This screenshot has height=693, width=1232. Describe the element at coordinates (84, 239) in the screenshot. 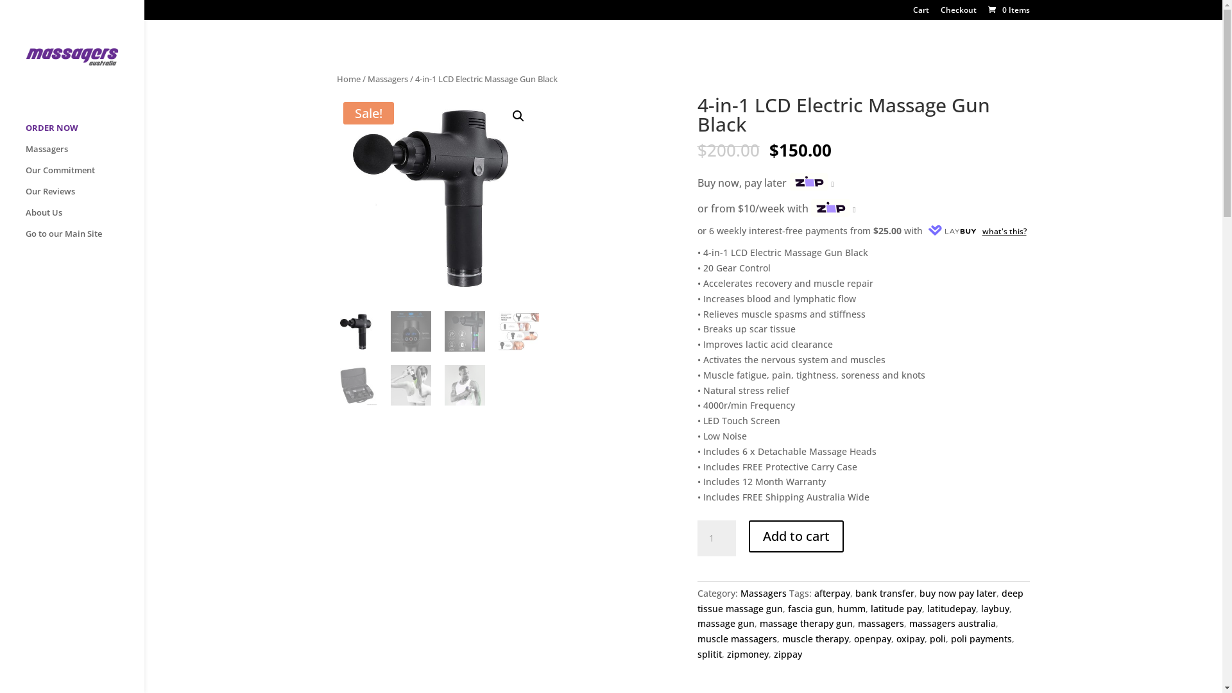

I see `'Go to our Main Site'` at that location.